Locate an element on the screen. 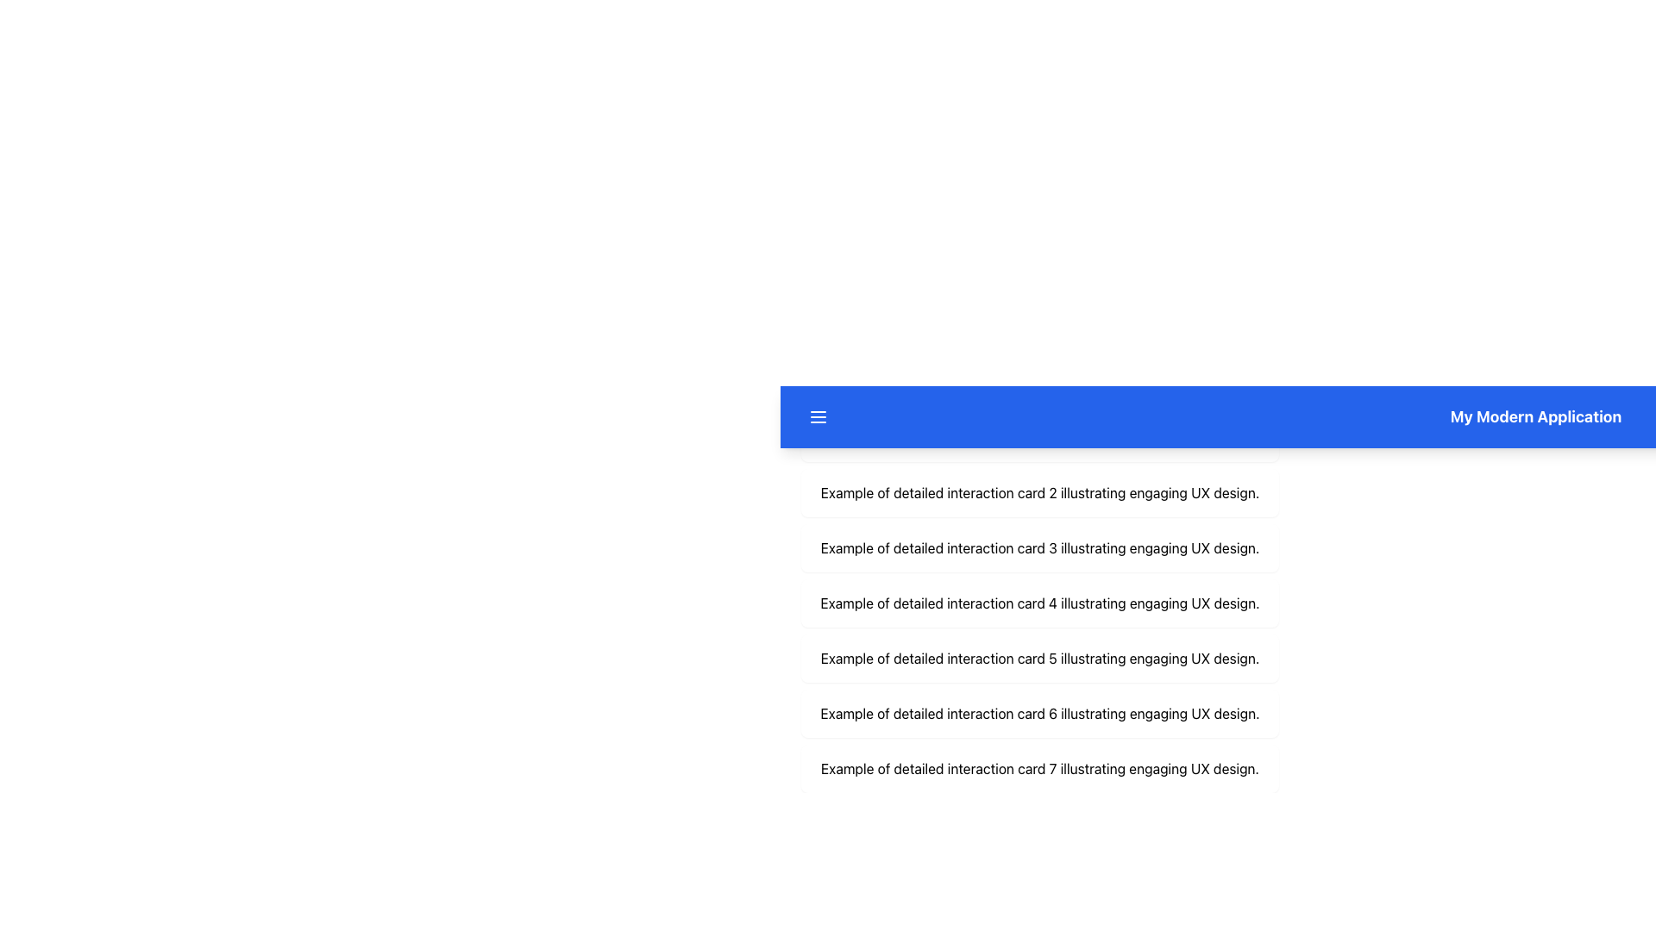 Image resolution: width=1656 pixels, height=931 pixels. the three-line icon menu button located in the top-left corner of the navigation bar is located at coordinates (818, 416).